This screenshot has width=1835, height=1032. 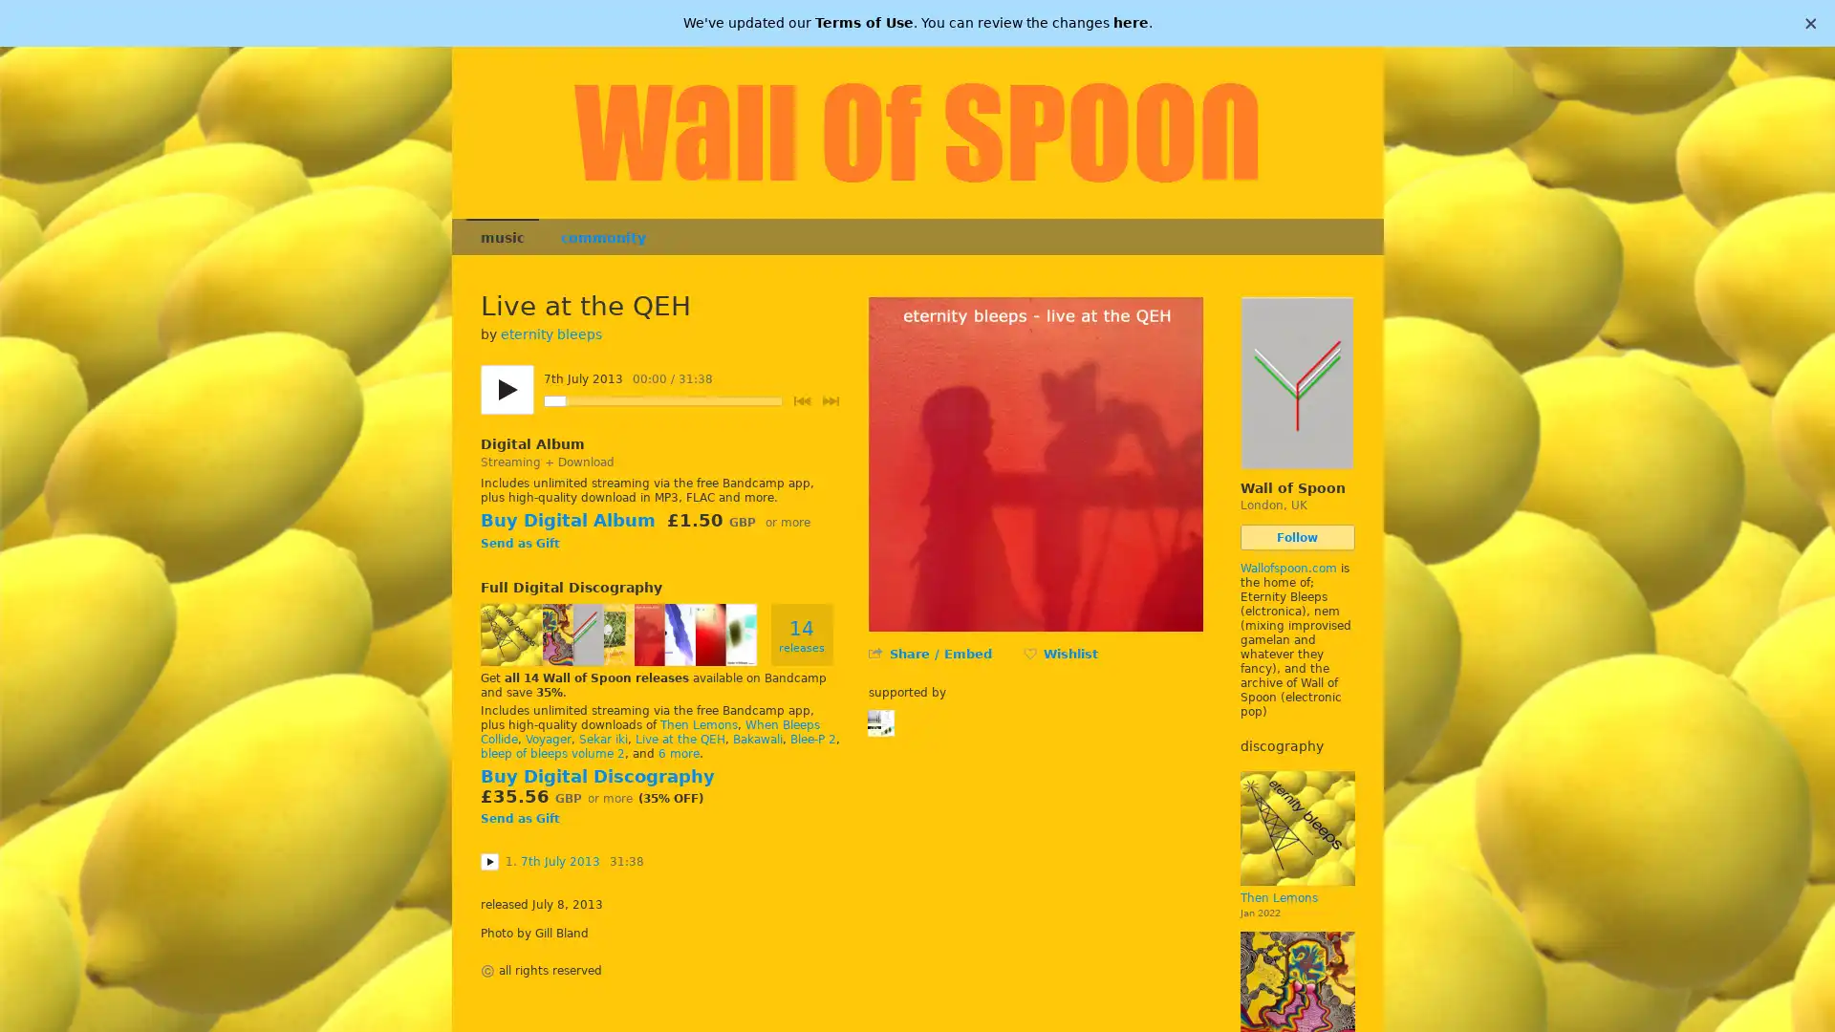 What do you see at coordinates (1297, 537) in the screenshot?
I see `Follow` at bounding box center [1297, 537].